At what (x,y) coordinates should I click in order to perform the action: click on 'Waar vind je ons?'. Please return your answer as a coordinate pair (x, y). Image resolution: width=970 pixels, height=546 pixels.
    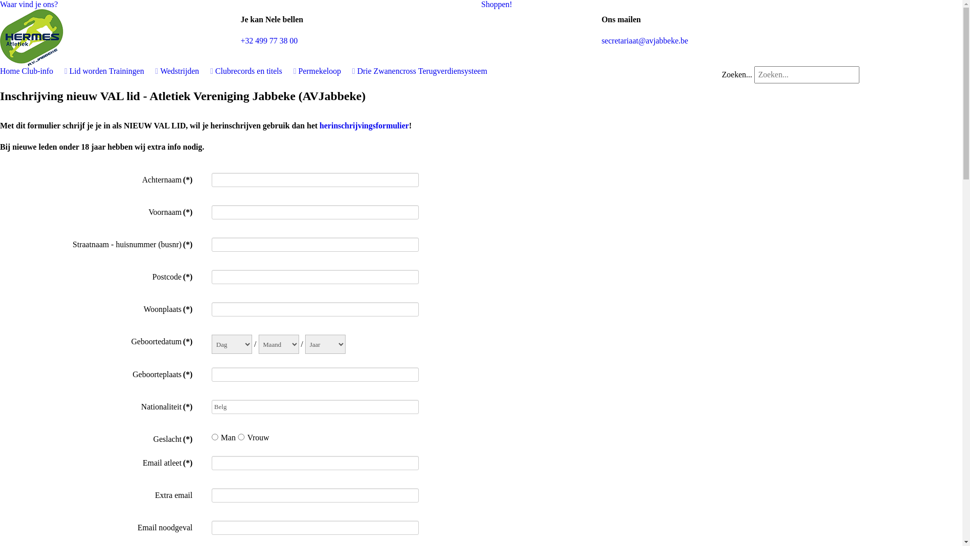
    Looking at the image, I should click on (29, 4).